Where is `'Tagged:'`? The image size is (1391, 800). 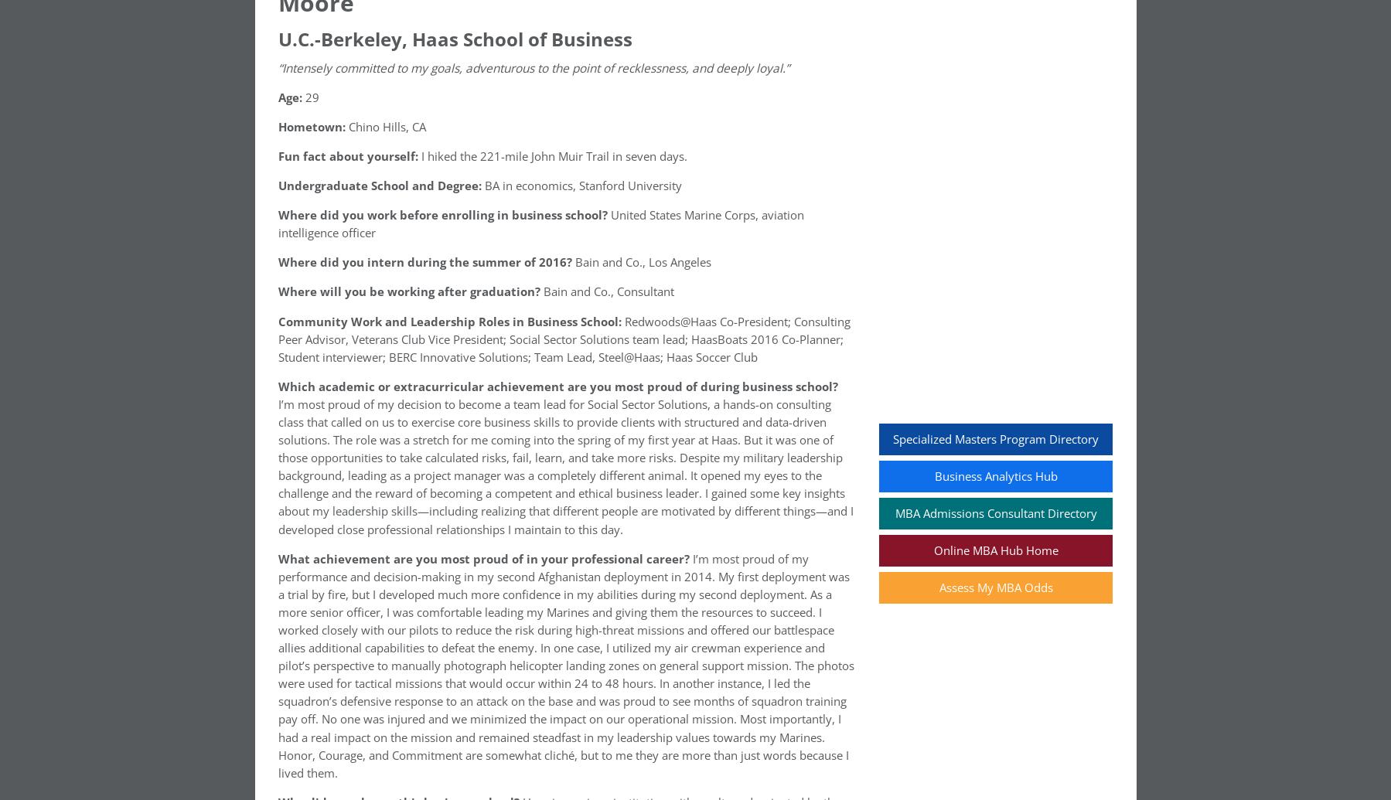
'Tagged:' is located at coordinates (309, 517).